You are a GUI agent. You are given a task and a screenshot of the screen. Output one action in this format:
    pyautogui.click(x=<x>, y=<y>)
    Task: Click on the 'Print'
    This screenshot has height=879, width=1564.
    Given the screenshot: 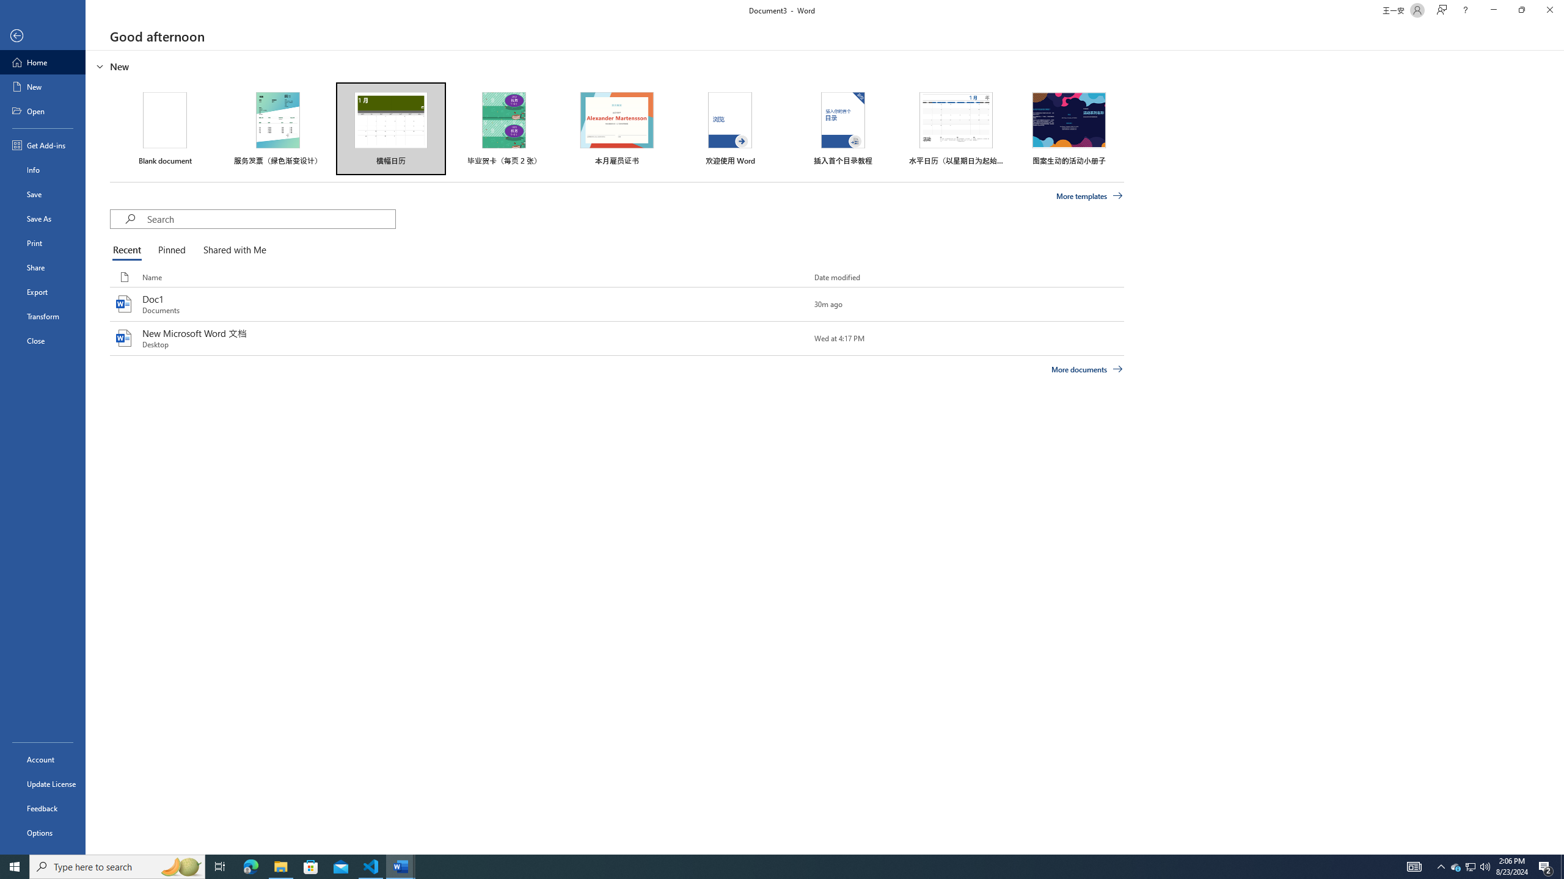 What is the action you would take?
    pyautogui.click(x=42, y=242)
    